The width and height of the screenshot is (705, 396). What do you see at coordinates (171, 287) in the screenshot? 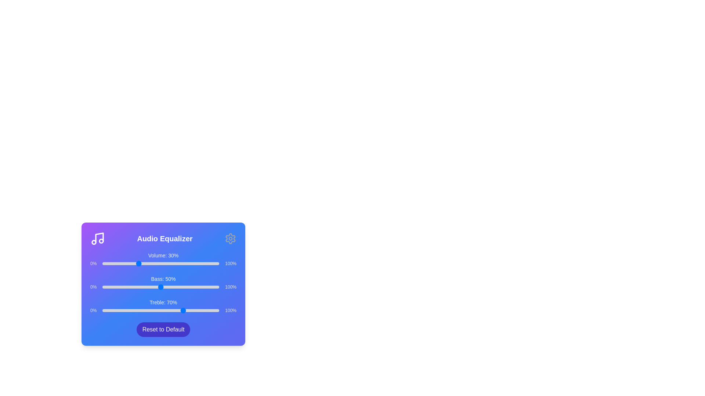
I see `the Bass slider to 59%` at bounding box center [171, 287].